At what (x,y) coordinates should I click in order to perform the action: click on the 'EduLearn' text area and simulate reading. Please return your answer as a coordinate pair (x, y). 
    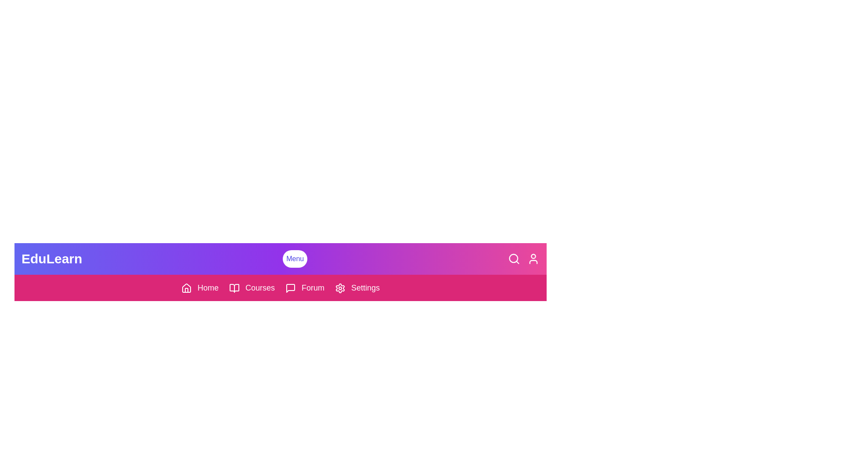
    Looking at the image, I should click on (51, 259).